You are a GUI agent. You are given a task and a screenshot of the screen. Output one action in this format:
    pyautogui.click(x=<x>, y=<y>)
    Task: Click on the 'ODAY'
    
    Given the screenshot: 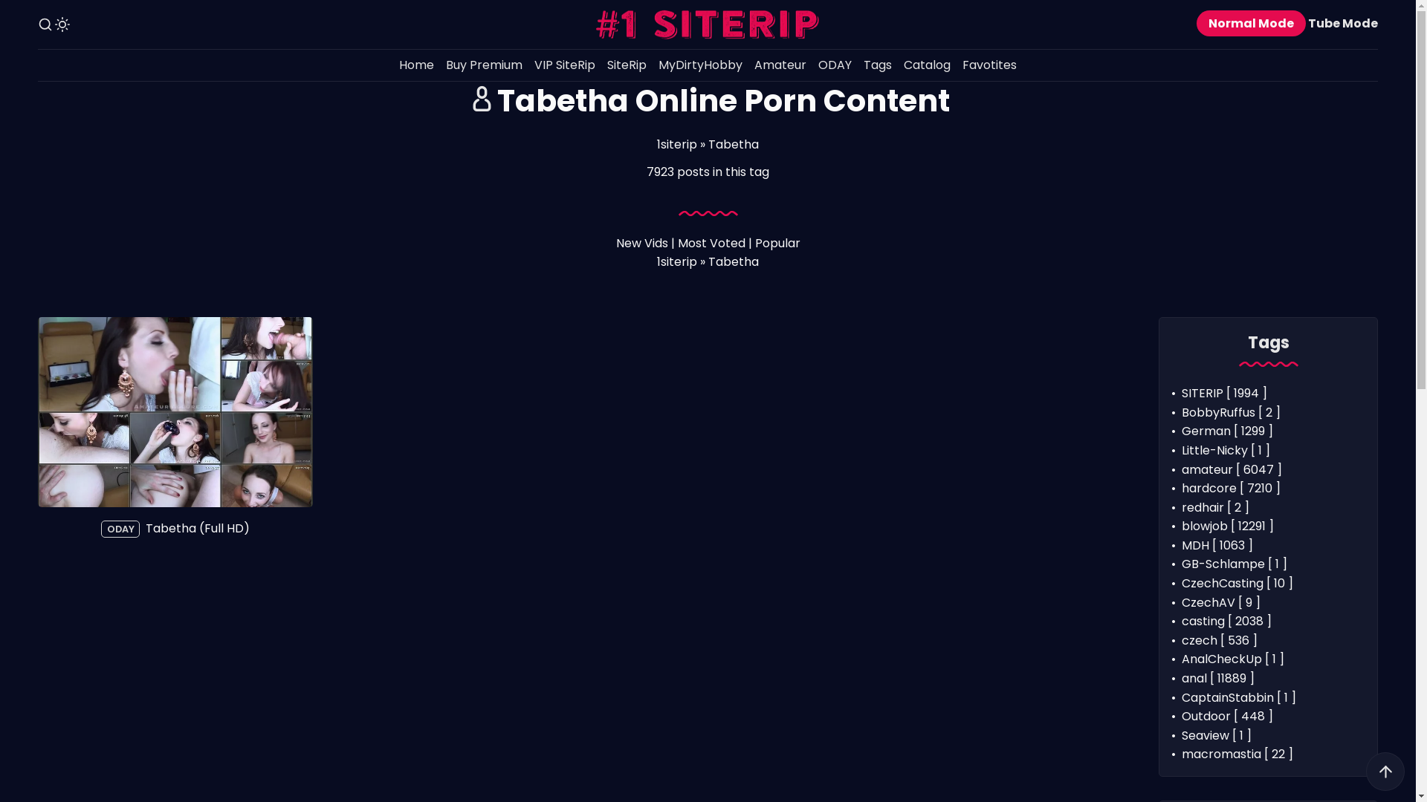 What is the action you would take?
    pyautogui.click(x=120, y=528)
    